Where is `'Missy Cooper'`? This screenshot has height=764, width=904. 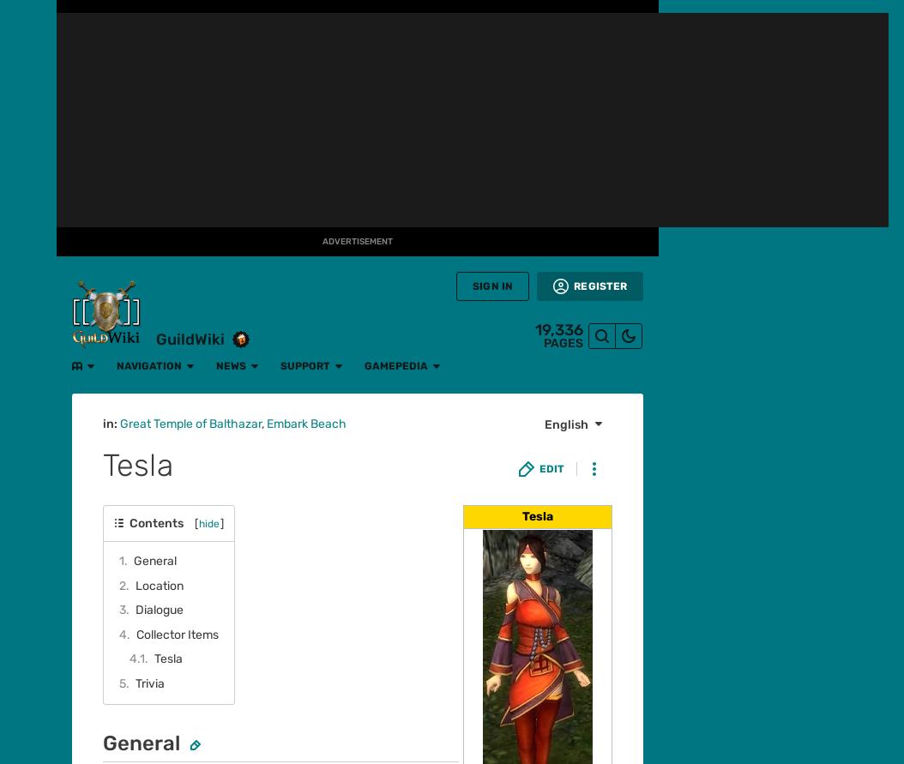 'Missy Cooper' is located at coordinates (118, 586).